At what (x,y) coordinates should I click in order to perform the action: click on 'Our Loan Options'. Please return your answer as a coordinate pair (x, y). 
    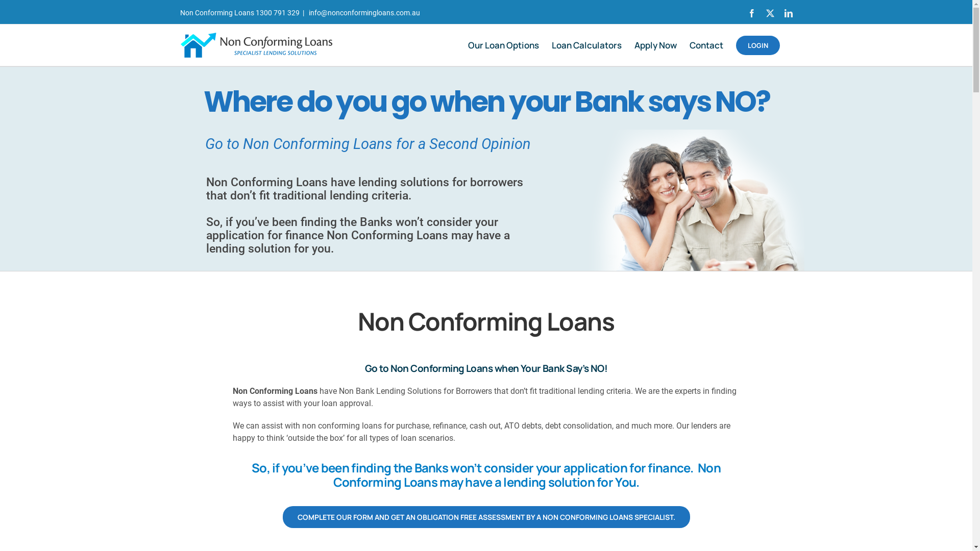
    Looking at the image, I should click on (503, 44).